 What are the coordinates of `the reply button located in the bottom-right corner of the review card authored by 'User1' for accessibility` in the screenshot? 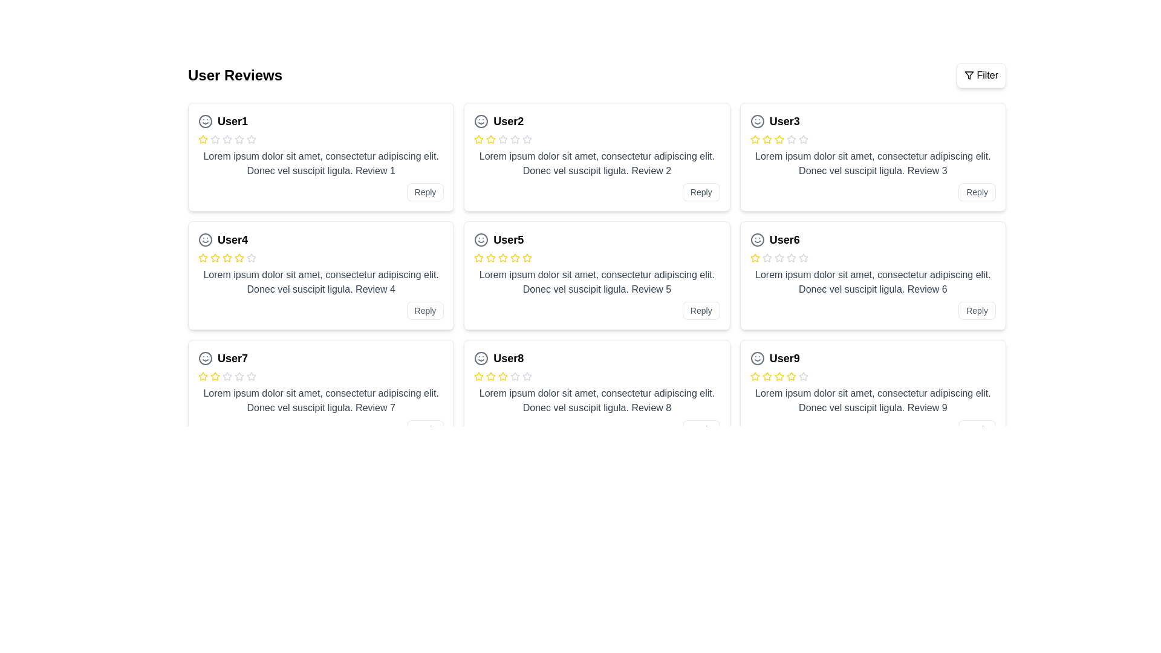 It's located at (425, 191).